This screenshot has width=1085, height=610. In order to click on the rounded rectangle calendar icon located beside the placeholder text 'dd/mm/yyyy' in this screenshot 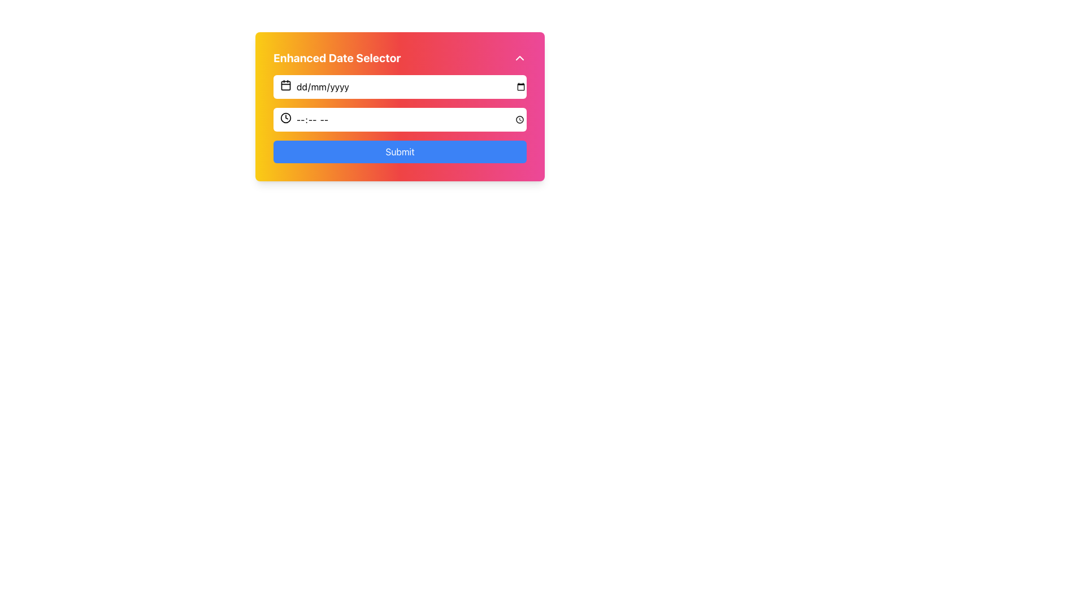, I will do `click(285, 84)`.